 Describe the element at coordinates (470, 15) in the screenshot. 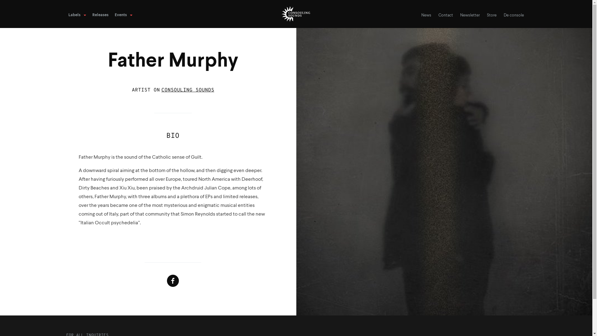

I see `'Newsletter'` at that location.